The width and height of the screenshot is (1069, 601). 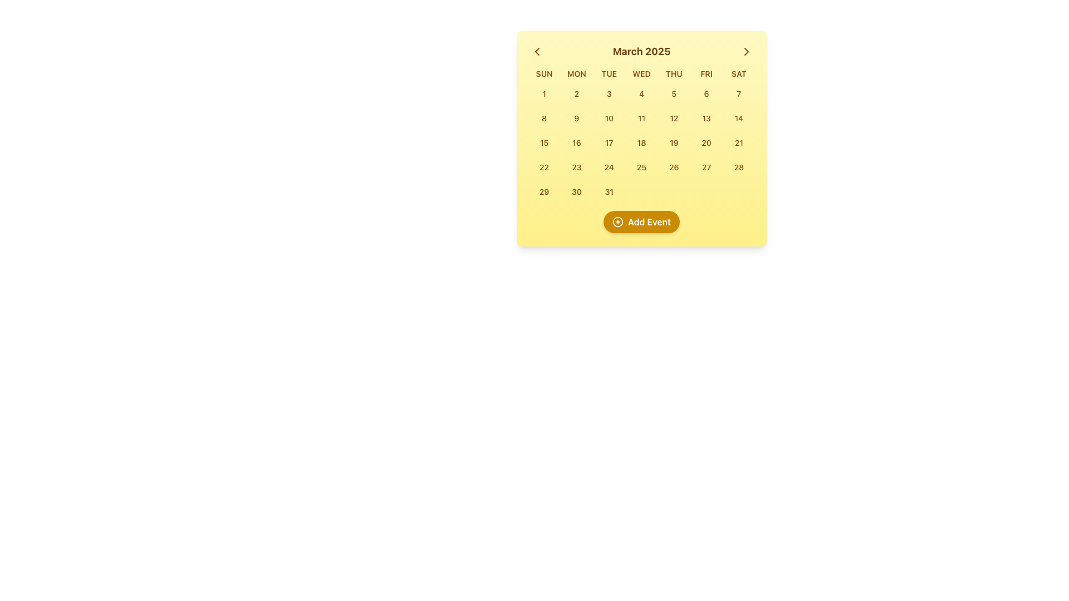 What do you see at coordinates (576, 93) in the screenshot?
I see `the calendar date cell displaying the number '2' in a dark yellow font, which is located under the 'MON' label in the March 2025 calendar` at bounding box center [576, 93].